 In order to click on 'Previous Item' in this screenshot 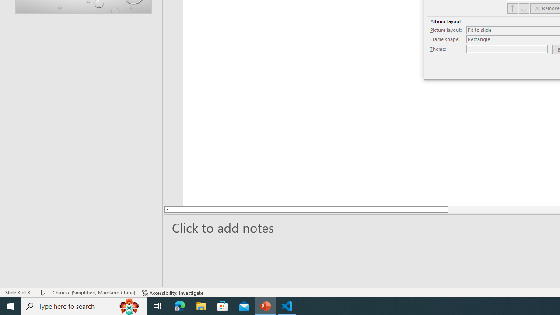, I will do `click(512, 8)`.